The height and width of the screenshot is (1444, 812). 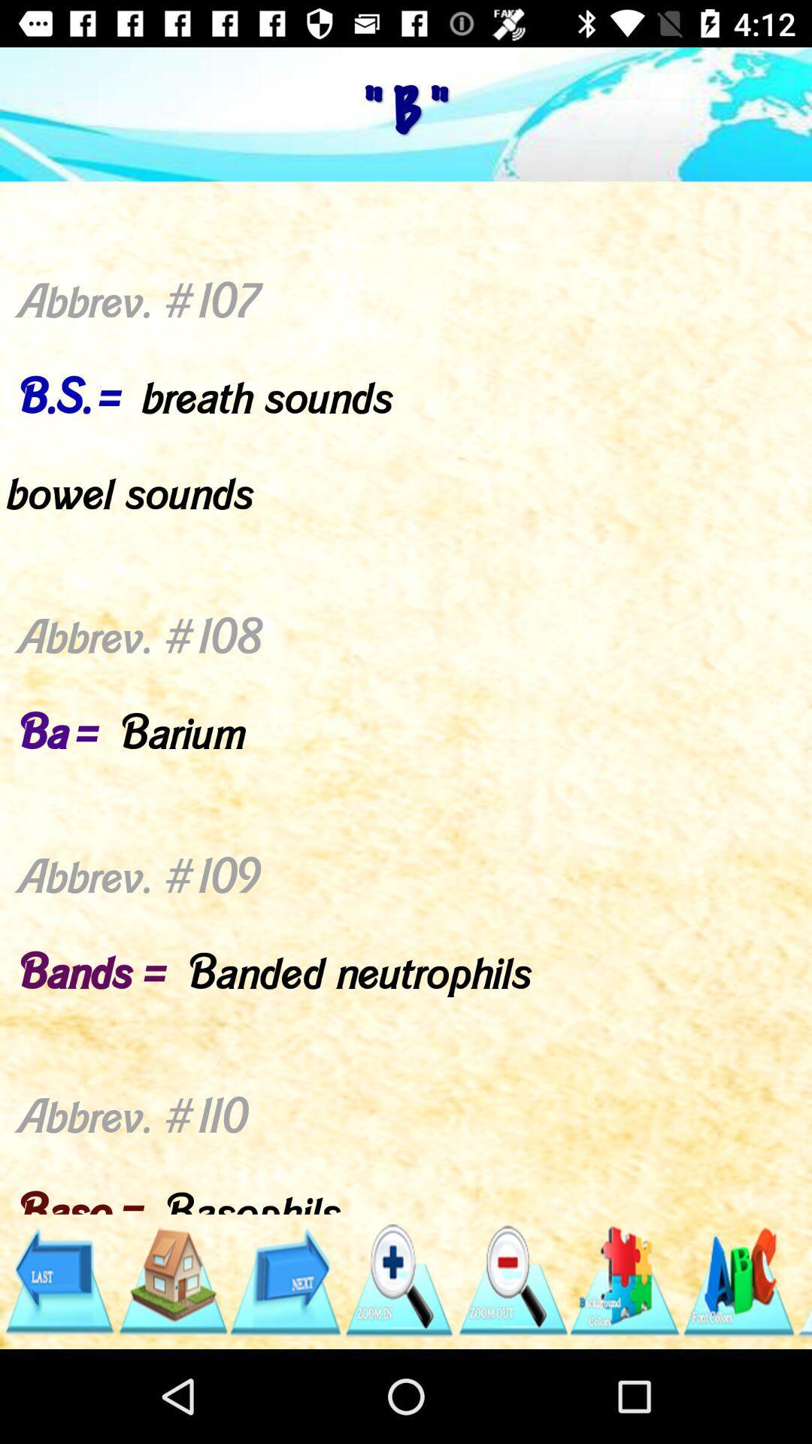 I want to click on zoom out, so click(x=511, y=1280).